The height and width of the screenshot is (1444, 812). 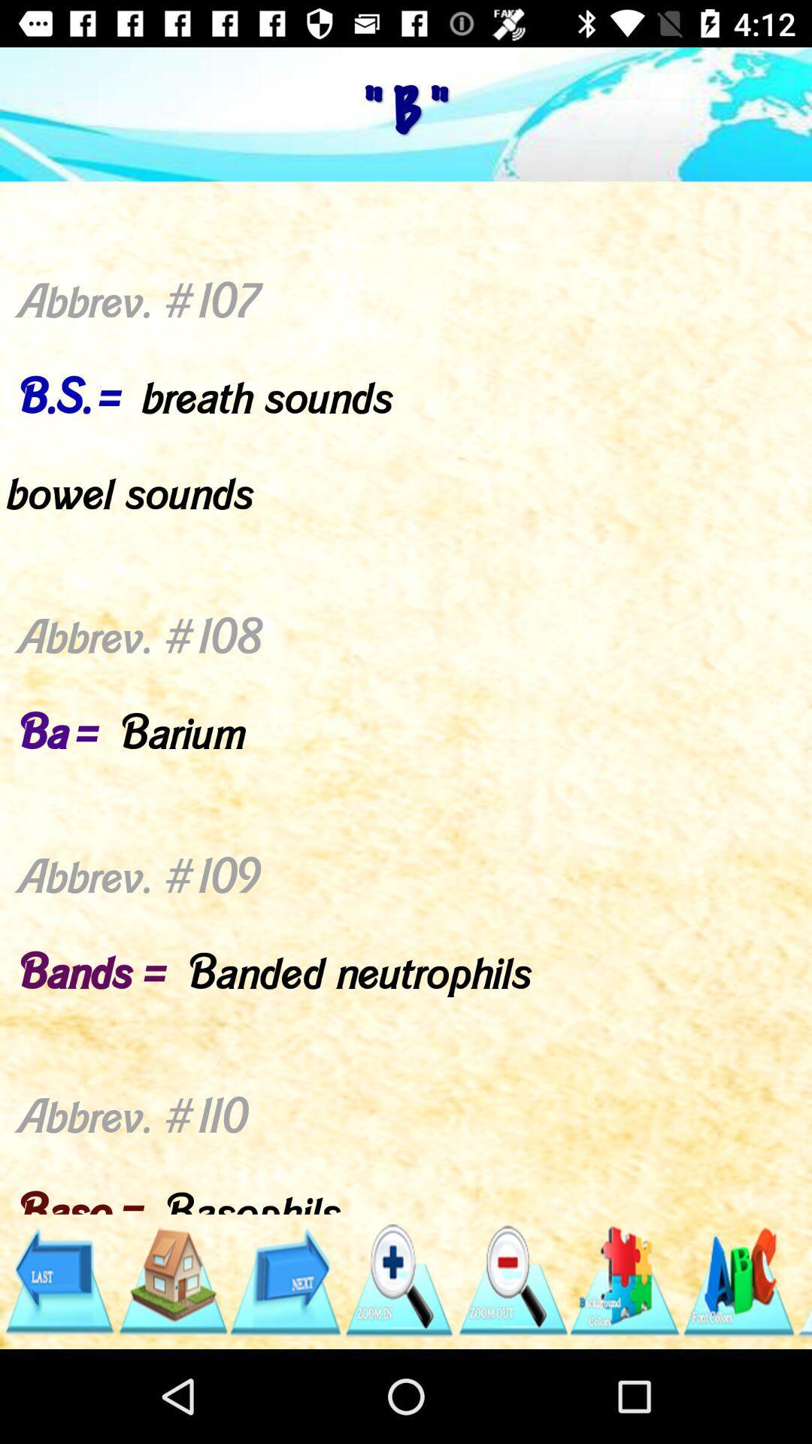 I want to click on zoom out, so click(x=511, y=1280).